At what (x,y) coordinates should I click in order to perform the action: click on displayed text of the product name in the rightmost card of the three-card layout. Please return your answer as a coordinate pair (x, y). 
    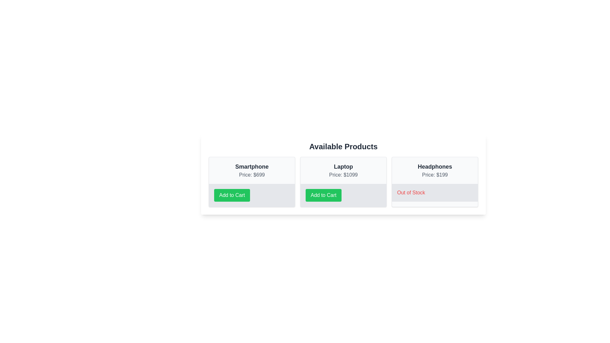
    Looking at the image, I should click on (434, 166).